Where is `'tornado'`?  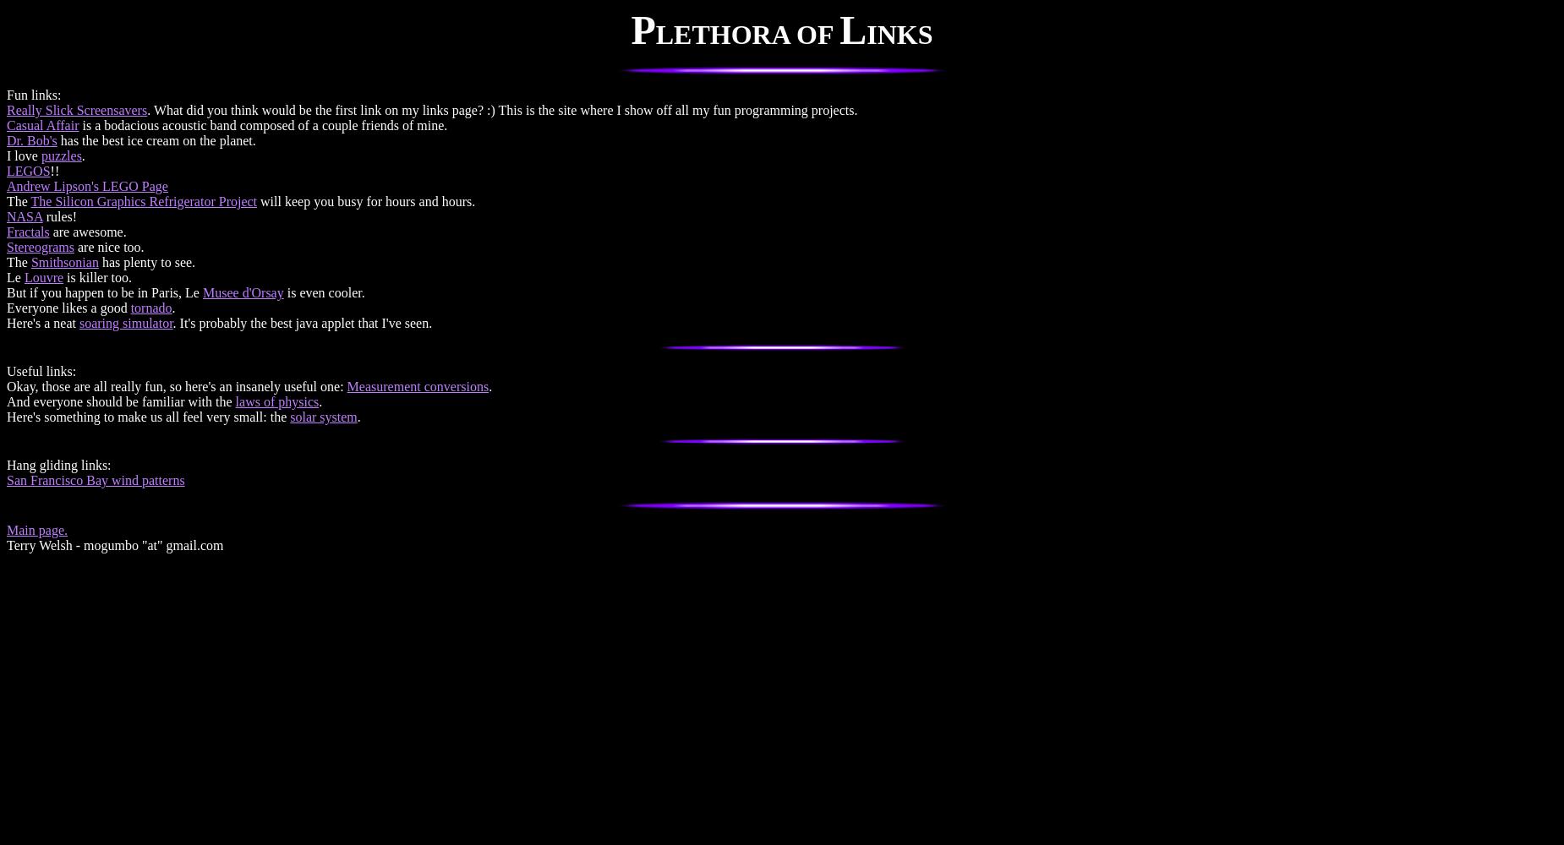
'tornado' is located at coordinates (150, 307).